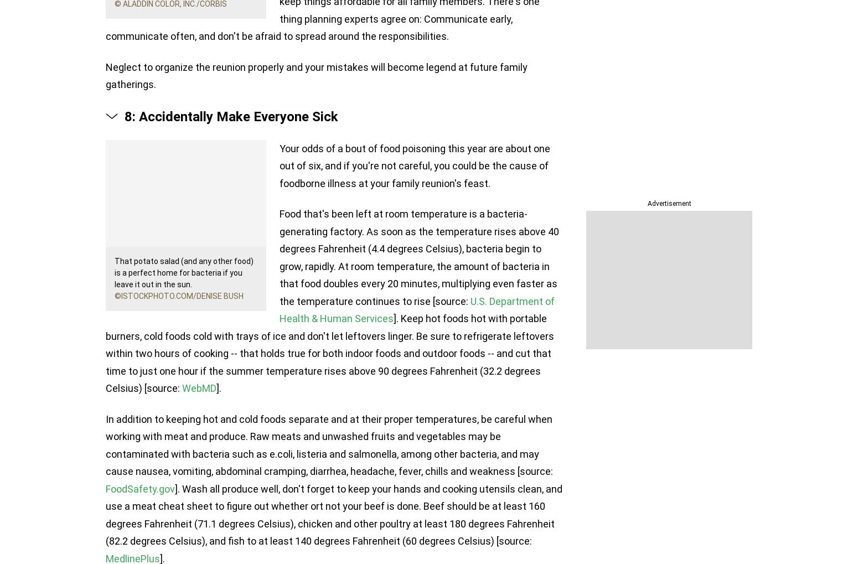 This screenshot has width=858, height=564. I want to click on '©iStockphoto.com/Denise Bush', so click(178, 295).